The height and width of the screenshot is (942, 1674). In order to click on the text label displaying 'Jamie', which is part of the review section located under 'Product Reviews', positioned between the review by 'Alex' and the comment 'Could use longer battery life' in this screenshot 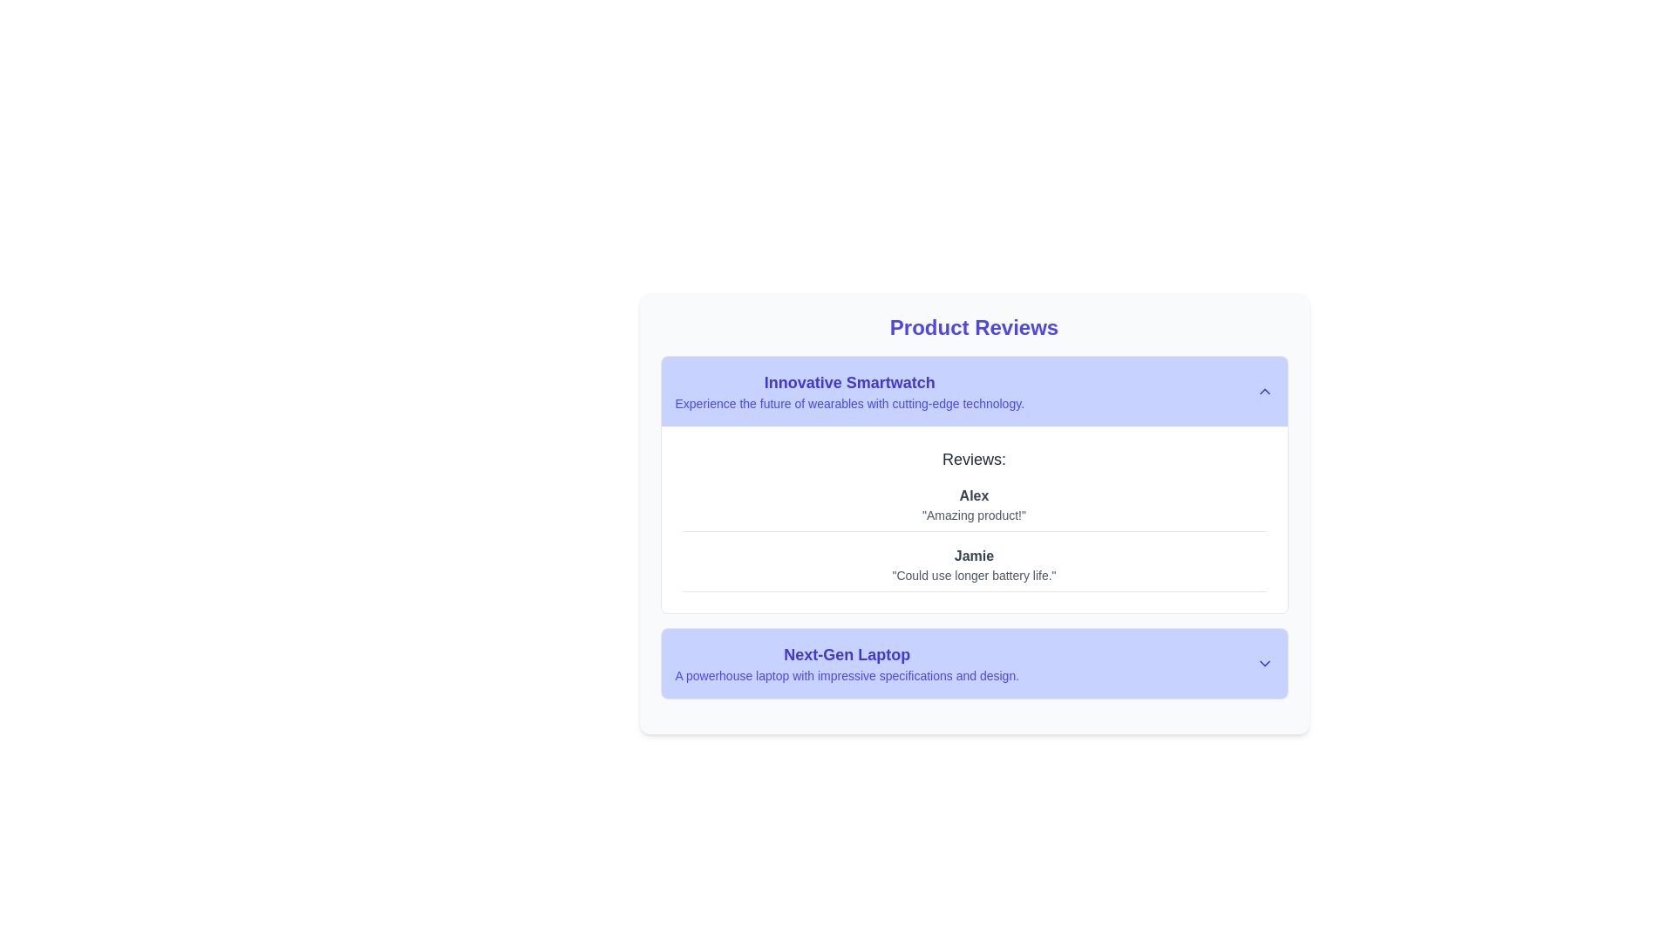, I will do `click(973, 556)`.